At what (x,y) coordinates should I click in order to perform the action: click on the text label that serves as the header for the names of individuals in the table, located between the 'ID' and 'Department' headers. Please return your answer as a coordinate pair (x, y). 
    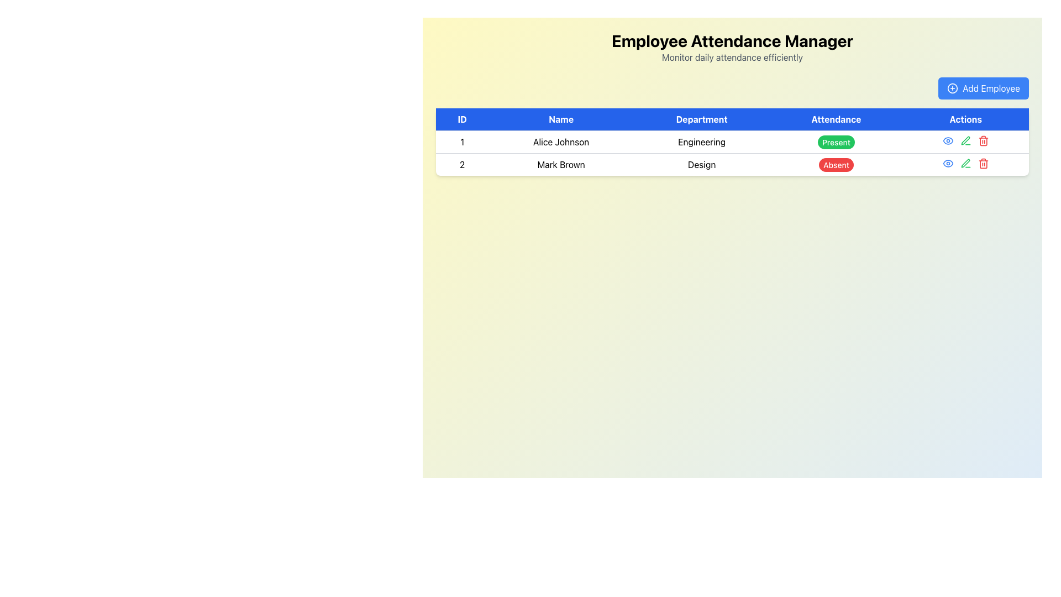
    Looking at the image, I should click on (561, 119).